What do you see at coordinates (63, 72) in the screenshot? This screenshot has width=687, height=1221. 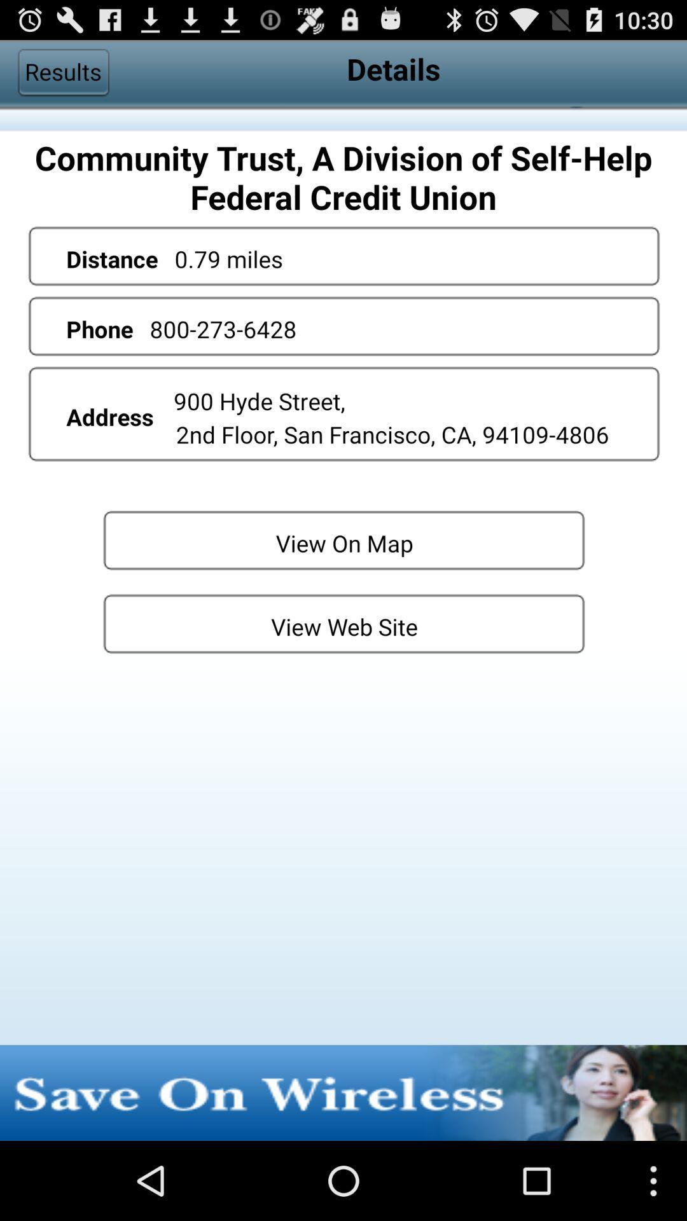 I see `app next to details item` at bounding box center [63, 72].